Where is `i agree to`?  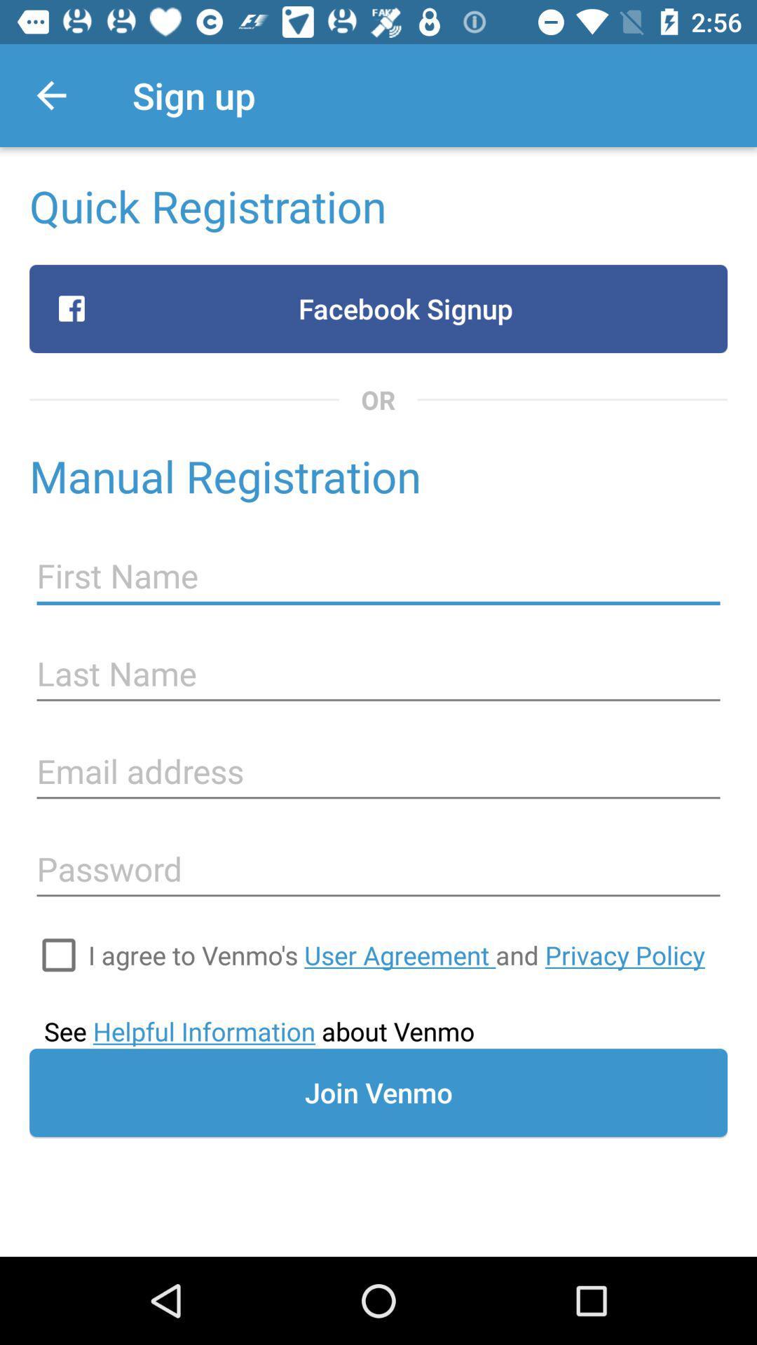 i agree to is located at coordinates (396, 954).